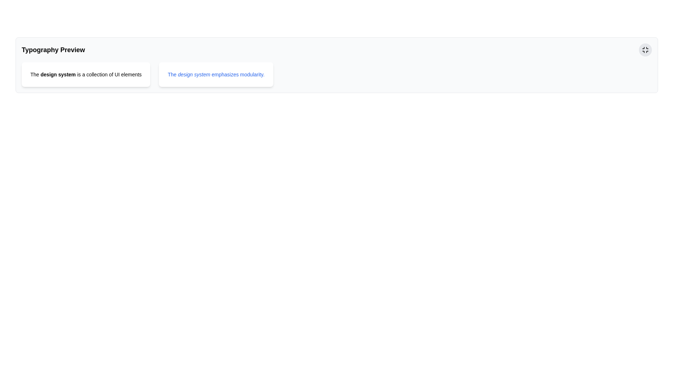 Image resolution: width=695 pixels, height=391 pixels. What do you see at coordinates (86, 74) in the screenshot?
I see `the first text line within the white background card that displays a textual description about the design system` at bounding box center [86, 74].